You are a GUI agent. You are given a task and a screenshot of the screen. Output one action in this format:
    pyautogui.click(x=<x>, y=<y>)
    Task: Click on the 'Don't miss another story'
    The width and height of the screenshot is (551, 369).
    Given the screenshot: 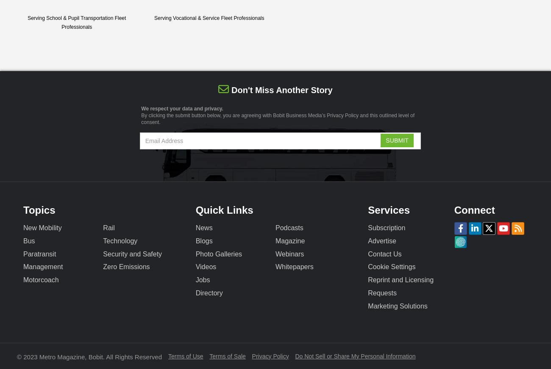 What is the action you would take?
    pyautogui.click(x=281, y=90)
    